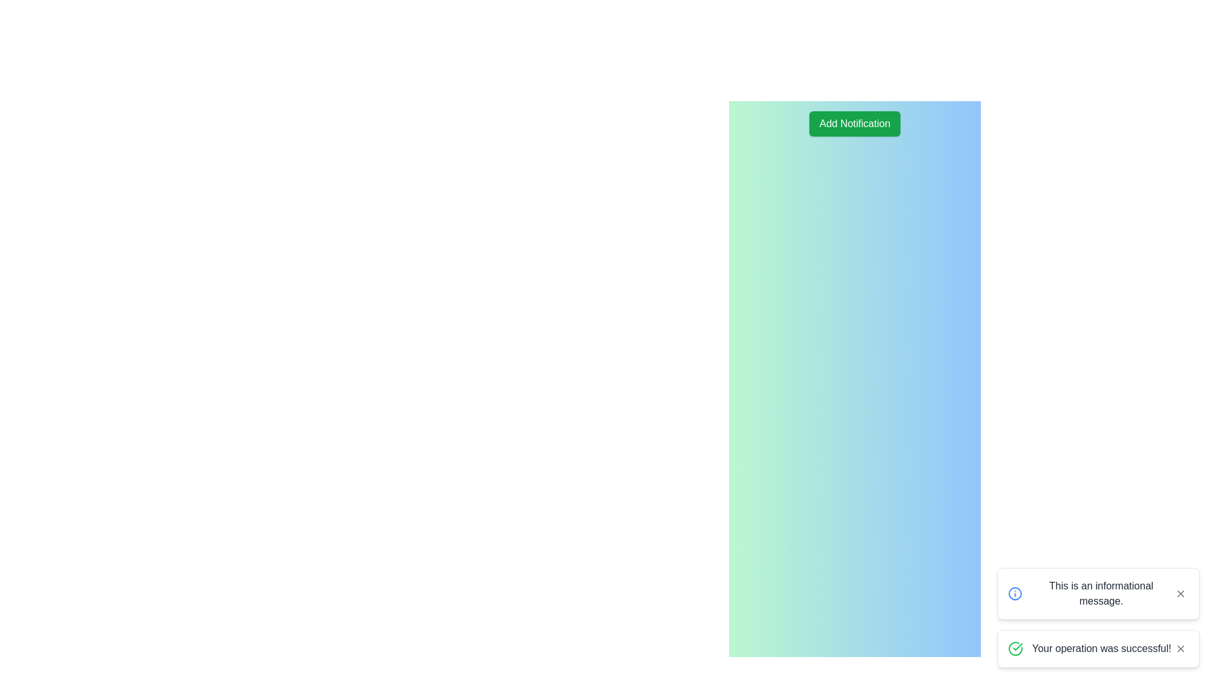 Image resolution: width=1215 pixels, height=683 pixels. I want to click on the notification box with a white background and rounded corners, which contains a blue informational icon on the left and a gray close button icon on the right, so click(1098, 593).